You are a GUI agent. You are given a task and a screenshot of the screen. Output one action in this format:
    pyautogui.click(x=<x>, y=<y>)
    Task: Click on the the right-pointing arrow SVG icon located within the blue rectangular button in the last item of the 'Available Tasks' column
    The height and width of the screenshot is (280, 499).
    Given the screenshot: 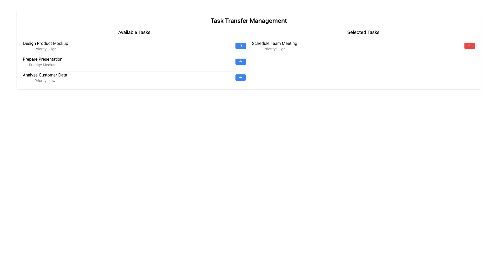 What is the action you would take?
    pyautogui.click(x=240, y=78)
    